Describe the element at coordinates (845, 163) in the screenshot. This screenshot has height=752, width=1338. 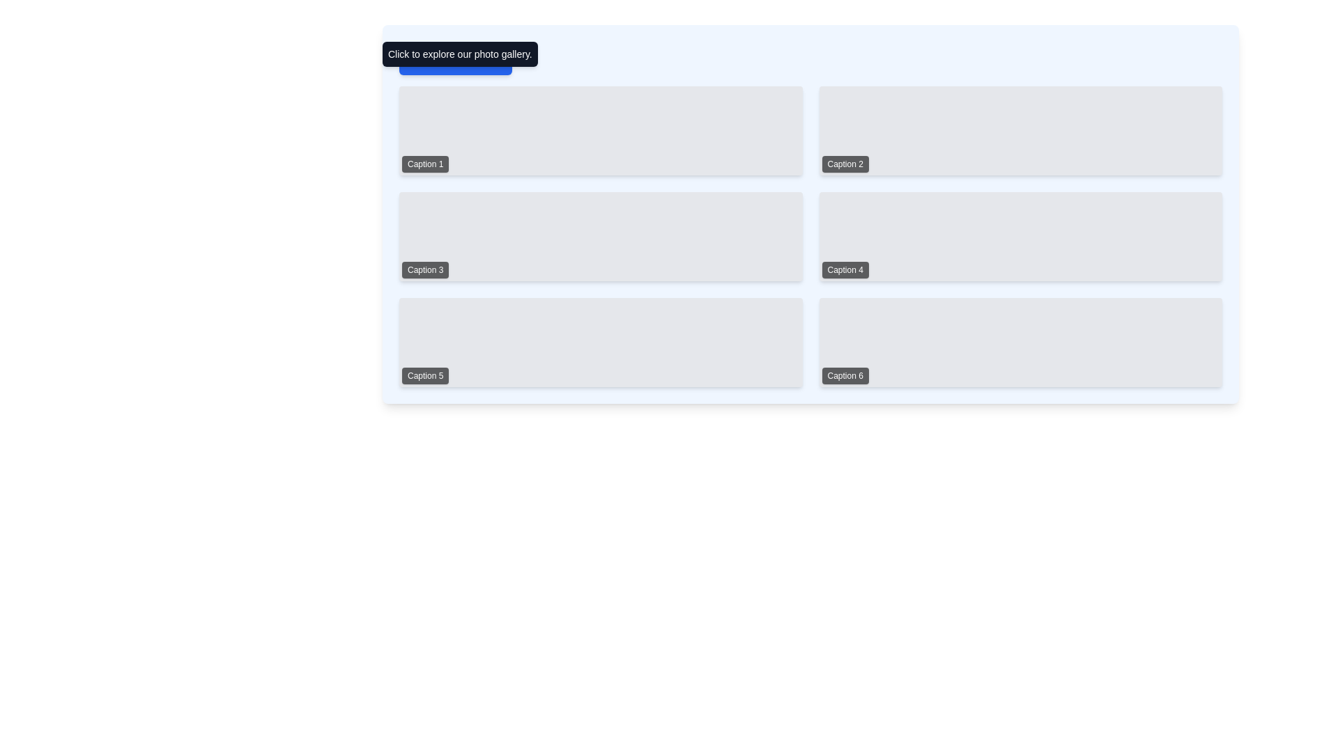
I see `the label or caption located at the bottom-left corner of the second rectangular tile in the top row of the grid layout, which provides descriptive text for the tile` at that location.